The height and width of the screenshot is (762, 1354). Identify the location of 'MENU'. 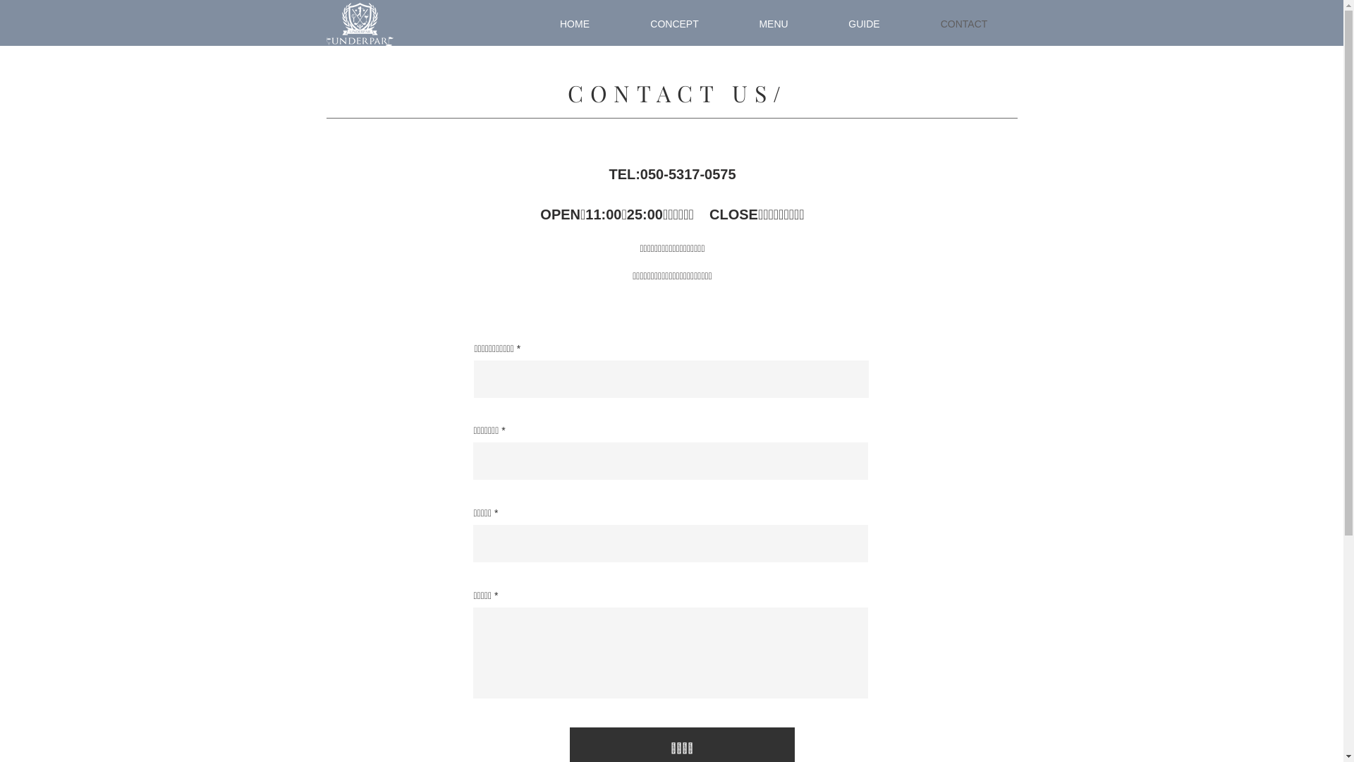
(773, 24).